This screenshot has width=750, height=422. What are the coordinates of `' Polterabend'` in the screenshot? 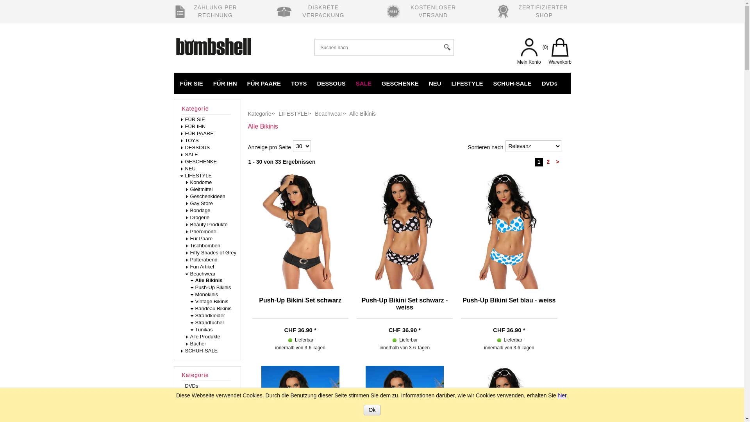 It's located at (204, 259).